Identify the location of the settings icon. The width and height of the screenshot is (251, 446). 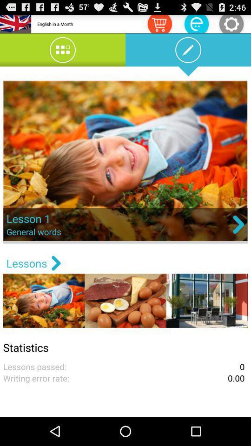
(231, 25).